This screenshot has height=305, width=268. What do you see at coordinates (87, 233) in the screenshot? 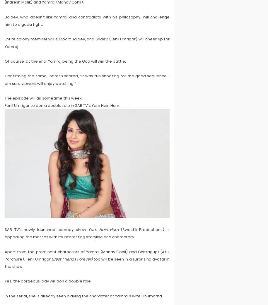
I see `'(Swastik Productions) is appealing the masses with its interesting storyline and characters.'` at bounding box center [87, 233].